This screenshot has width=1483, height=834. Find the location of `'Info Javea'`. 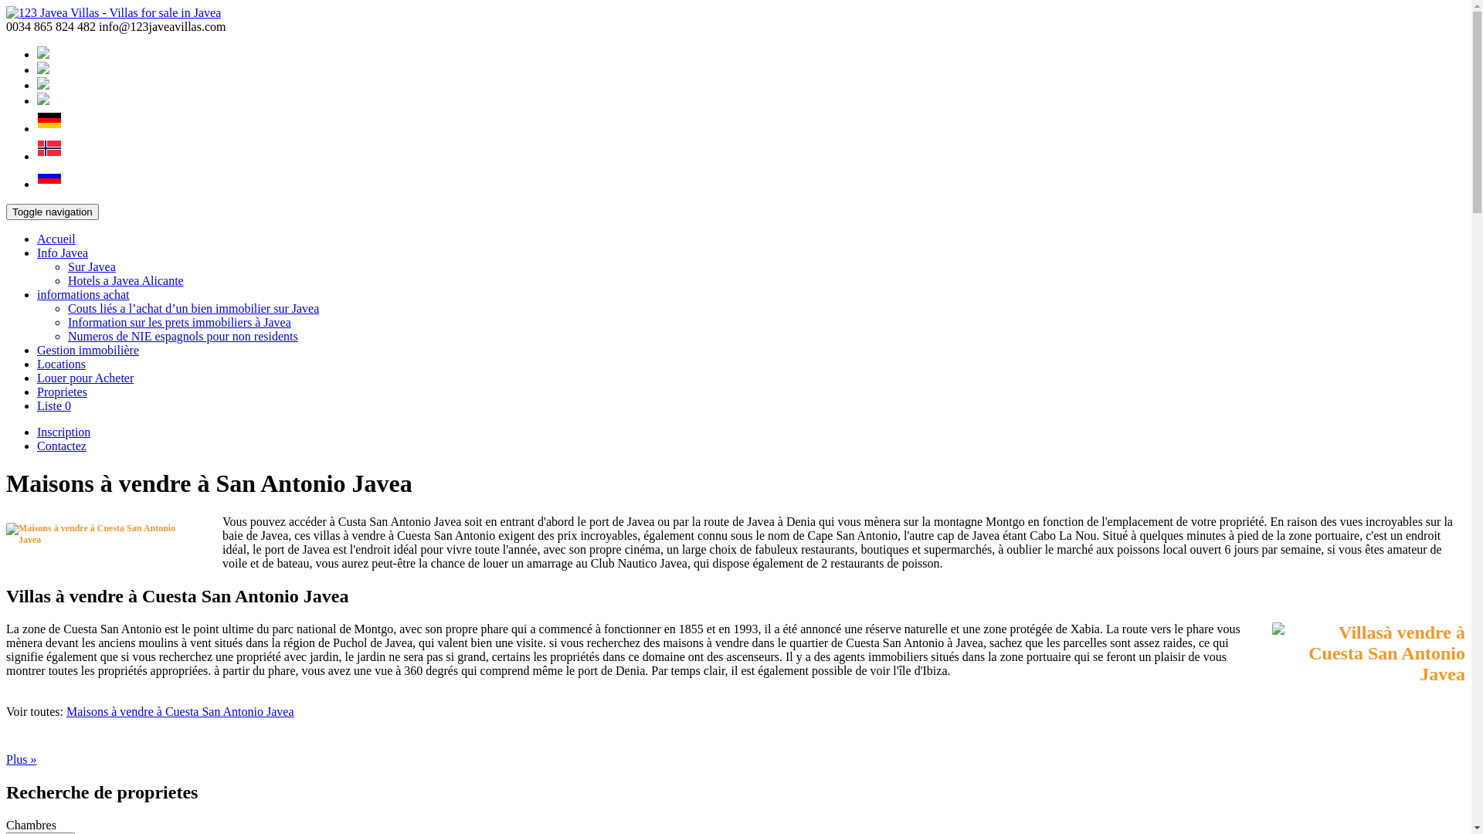

'Info Javea' is located at coordinates (62, 252).